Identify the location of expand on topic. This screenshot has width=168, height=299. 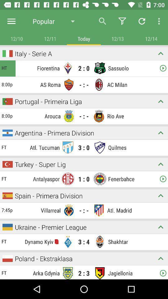
(161, 259).